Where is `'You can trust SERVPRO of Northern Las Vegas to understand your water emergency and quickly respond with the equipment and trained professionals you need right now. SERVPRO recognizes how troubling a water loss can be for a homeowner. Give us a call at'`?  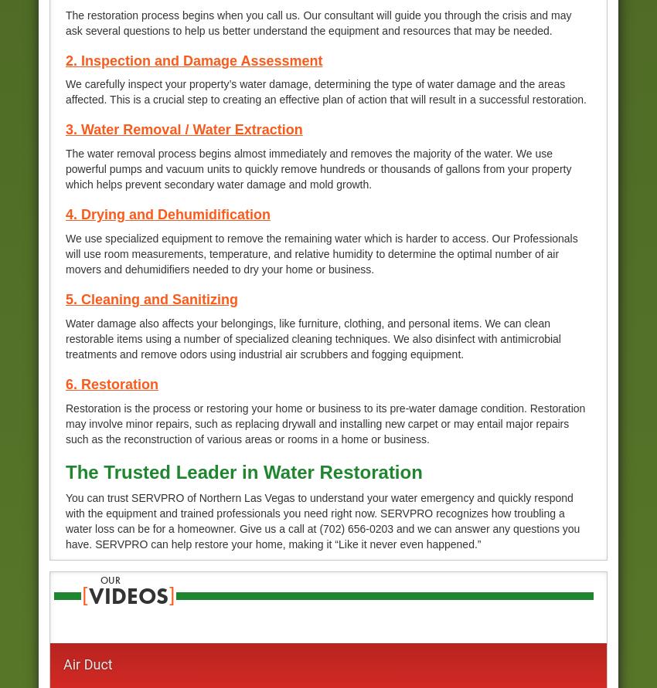
'You can trust SERVPRO of Northern Las Vegas to understand your water emergency and quickly respond with the equipment and trained professionals you need right now. SERVPRO recognizes how troubling a water loss can be for a homeowner. Give us a call at' is located at coordinates (319, 513).